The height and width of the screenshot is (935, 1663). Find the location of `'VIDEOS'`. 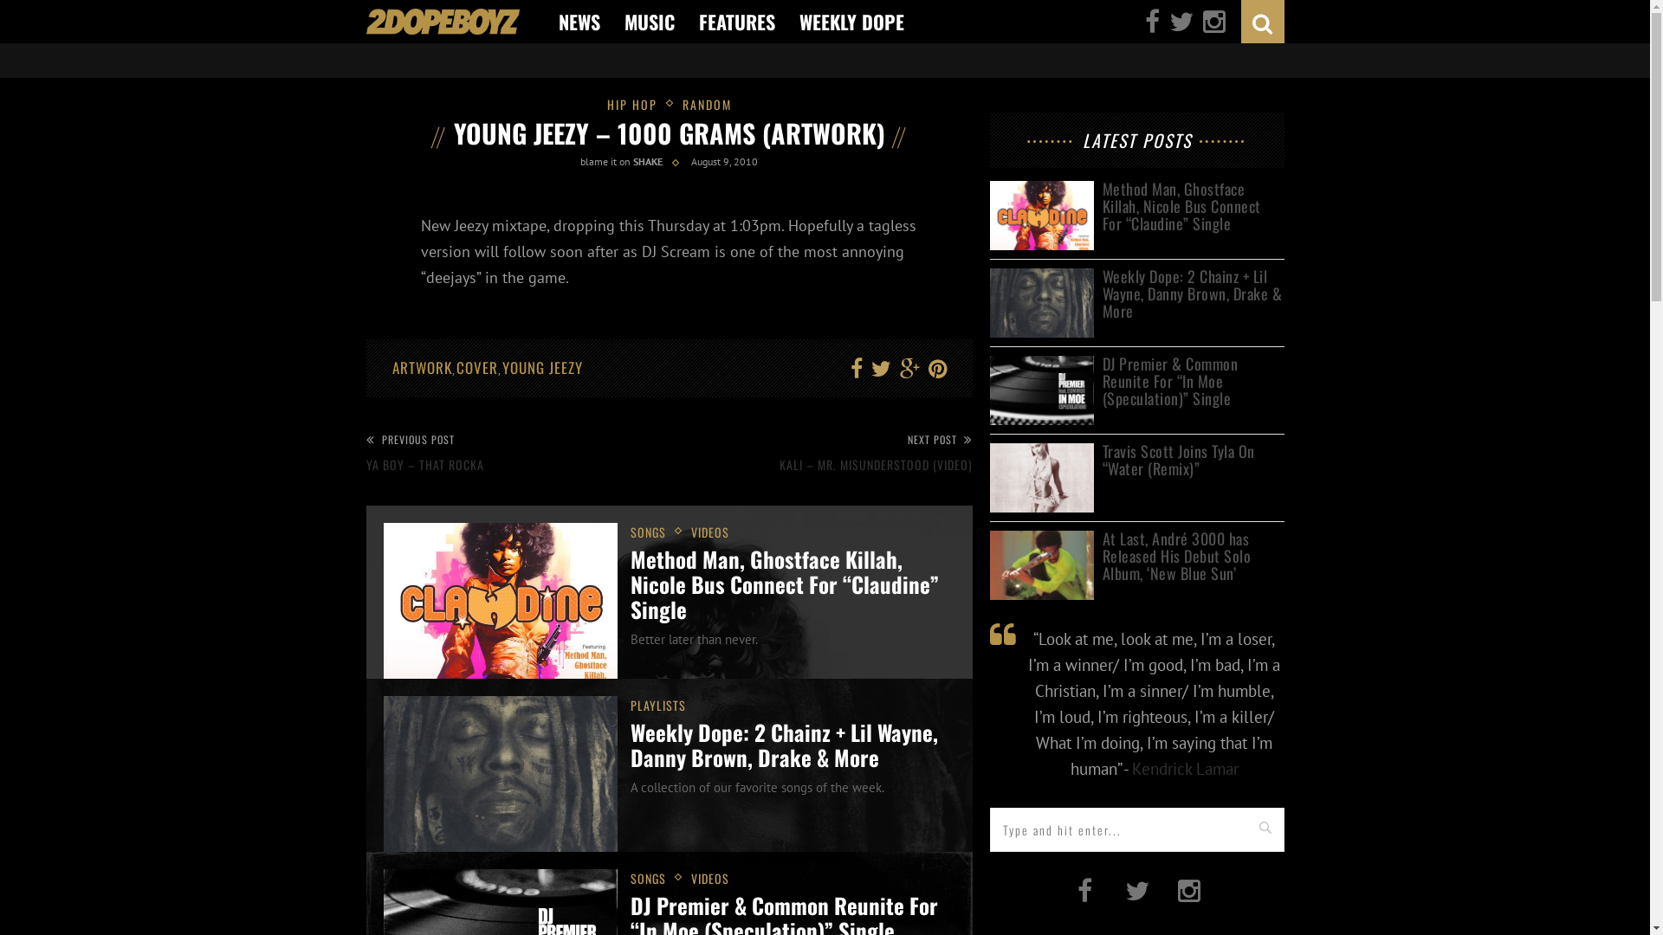

'VIDEOS' is located at coordinates (710, 531).